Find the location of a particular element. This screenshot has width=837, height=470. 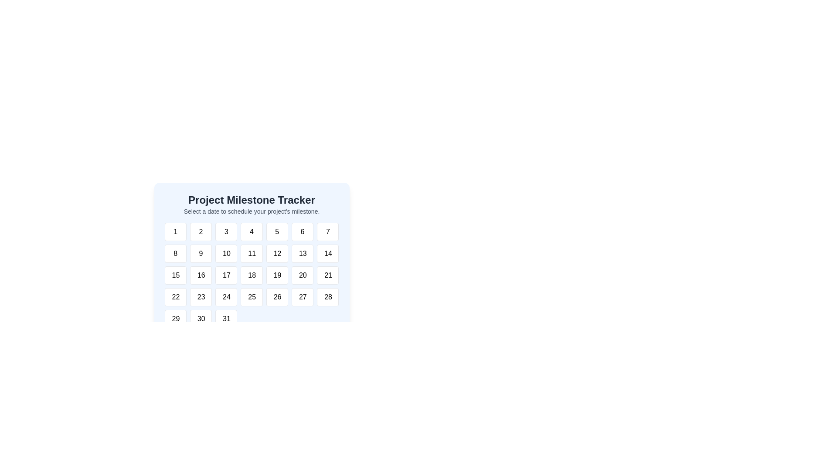

the button in the sixth row and fifth column of the calendar grid is located at coordinates (276, 296).